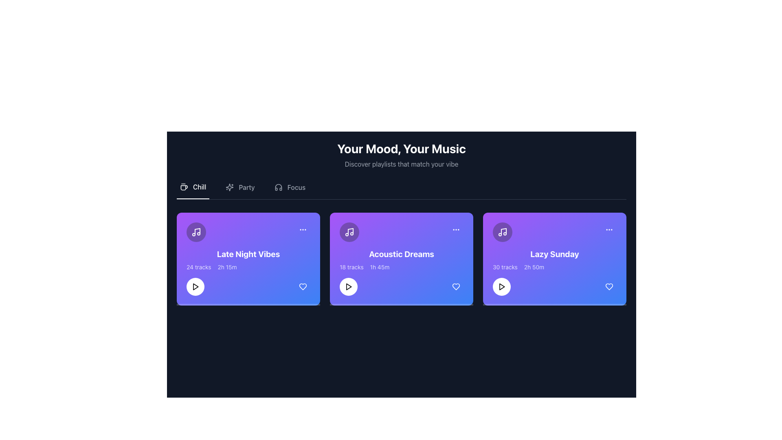 The width and height of the screenshot is (782, 440). I want to click on the heart icon in the bottom-right corner of the 'Acoustic Dreams' card to mark it as liked or favorited, so click(455, 286).